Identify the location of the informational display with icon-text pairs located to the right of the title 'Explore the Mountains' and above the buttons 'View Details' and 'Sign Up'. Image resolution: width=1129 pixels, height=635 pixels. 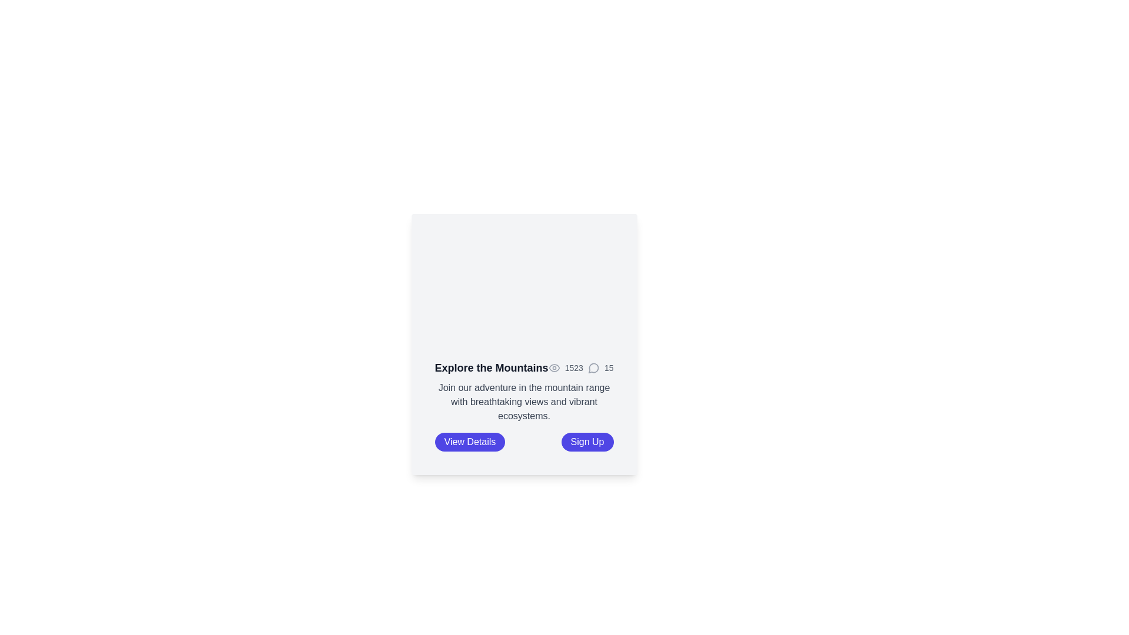
(581, 367).